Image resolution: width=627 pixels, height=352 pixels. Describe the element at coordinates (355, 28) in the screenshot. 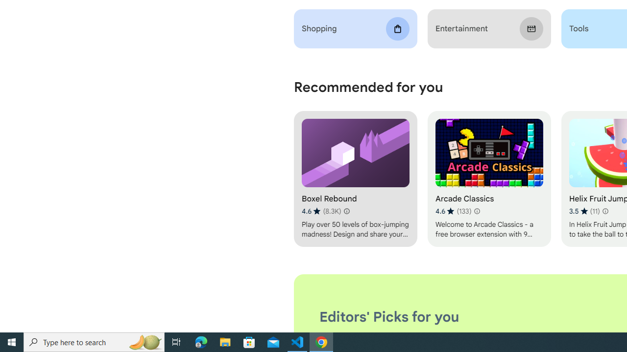

I see `'Shopping'` at that location.